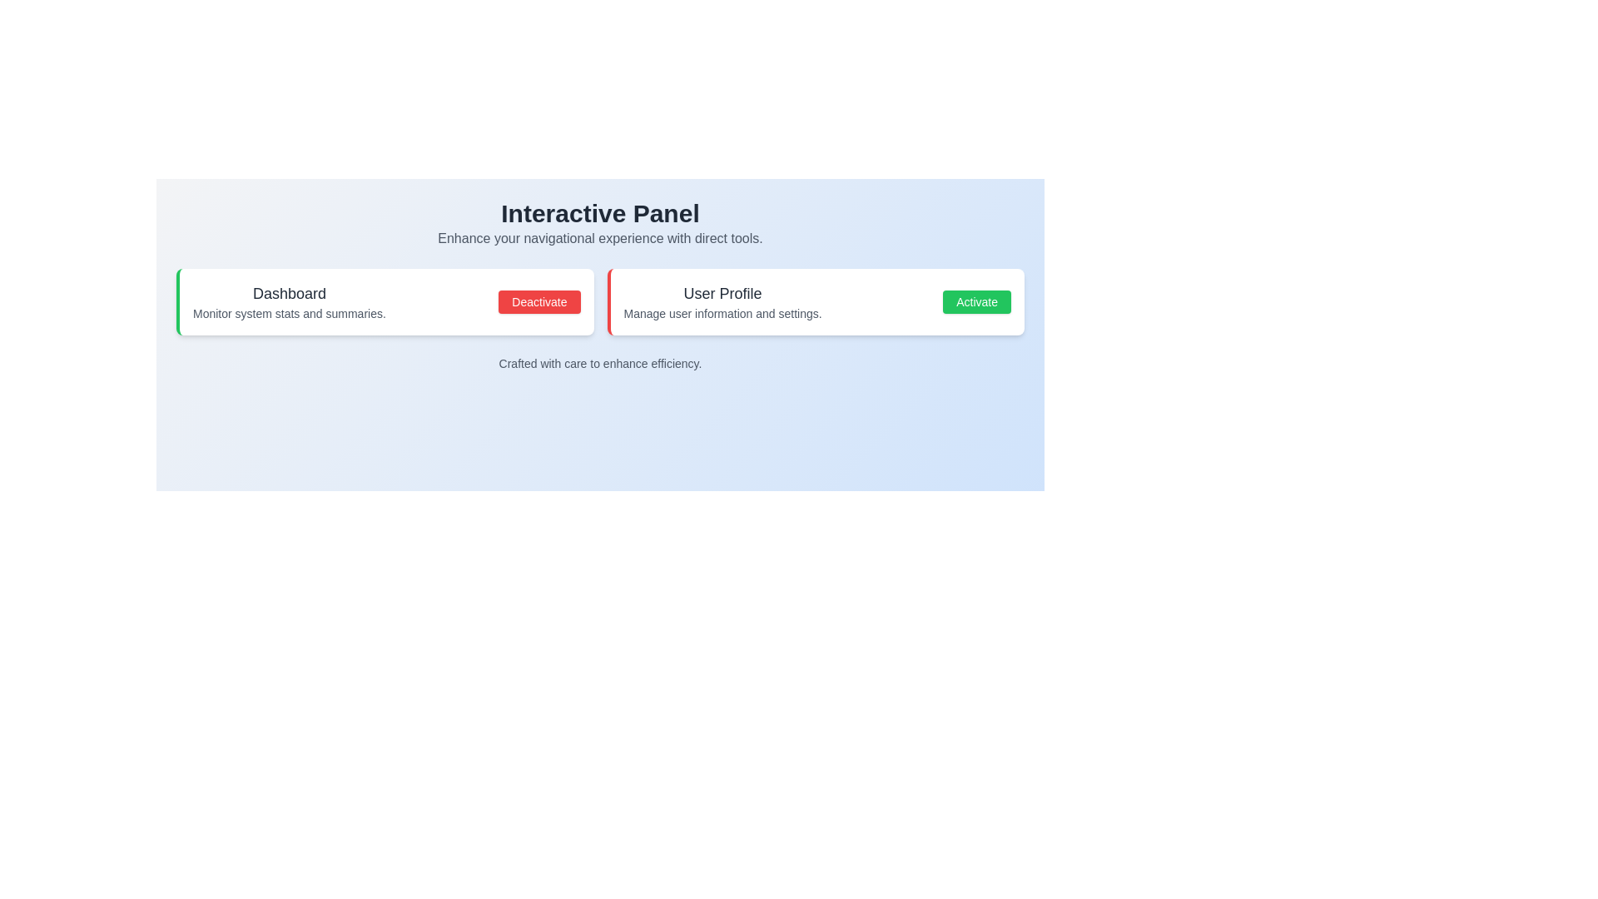  Describe the element at coordinates (722, 314) in the screenshot. I see `the Text label that provides contextual information regarding the 'User Profile' section, located beneath the 'User Profile' title` at that location.